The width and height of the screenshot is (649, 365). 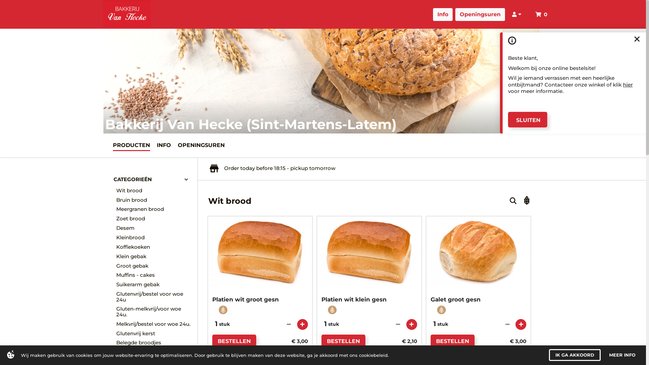 What do you see at coordinates (116, 275) in the screenshot?
I see `'Muffins - cakes'` at bounding box center [116, 275].